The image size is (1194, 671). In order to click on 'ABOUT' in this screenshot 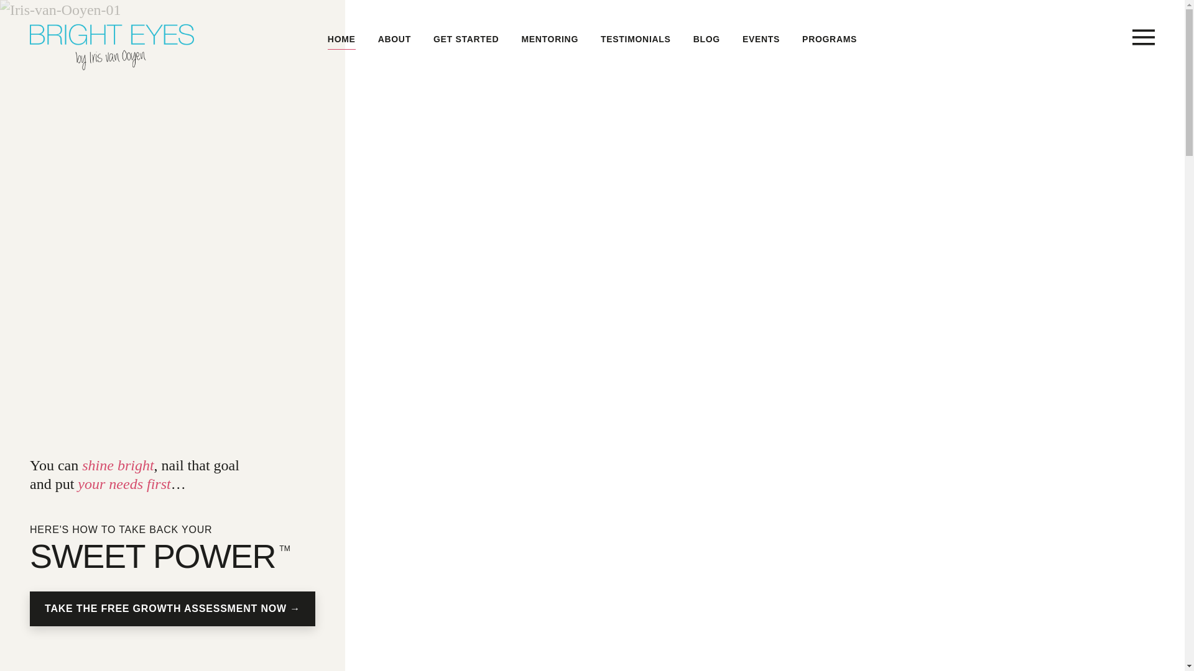, I will do `click(377, 39)`.